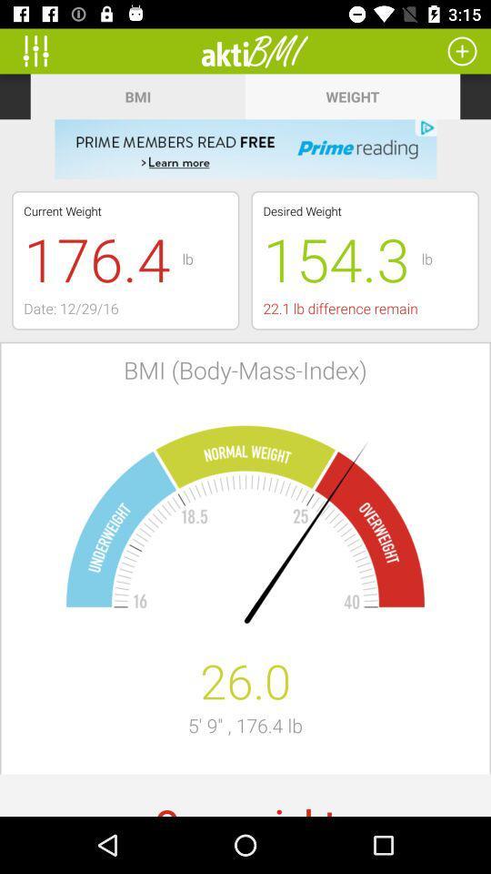  Describe the element at coordinates (42, 50) in the screenshot. I see `adjust bmi` at that location.